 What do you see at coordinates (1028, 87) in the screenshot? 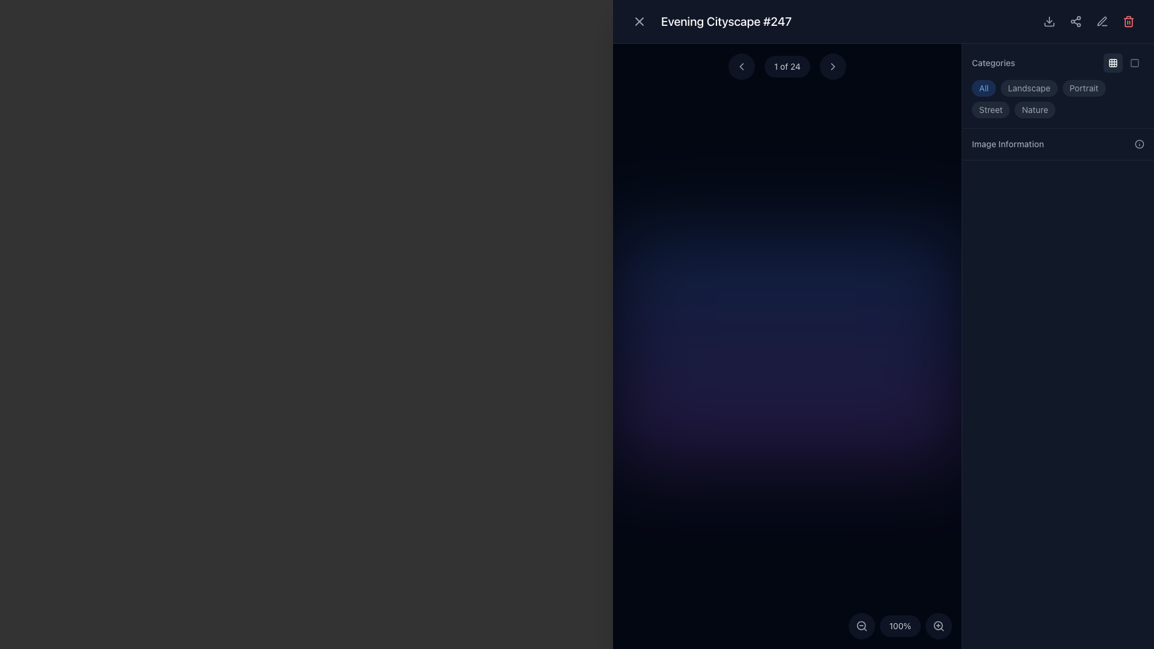
I see `the 'Landscape' button, which is a rounded rectangle with a gray background` at bounding box center [1028, 87].